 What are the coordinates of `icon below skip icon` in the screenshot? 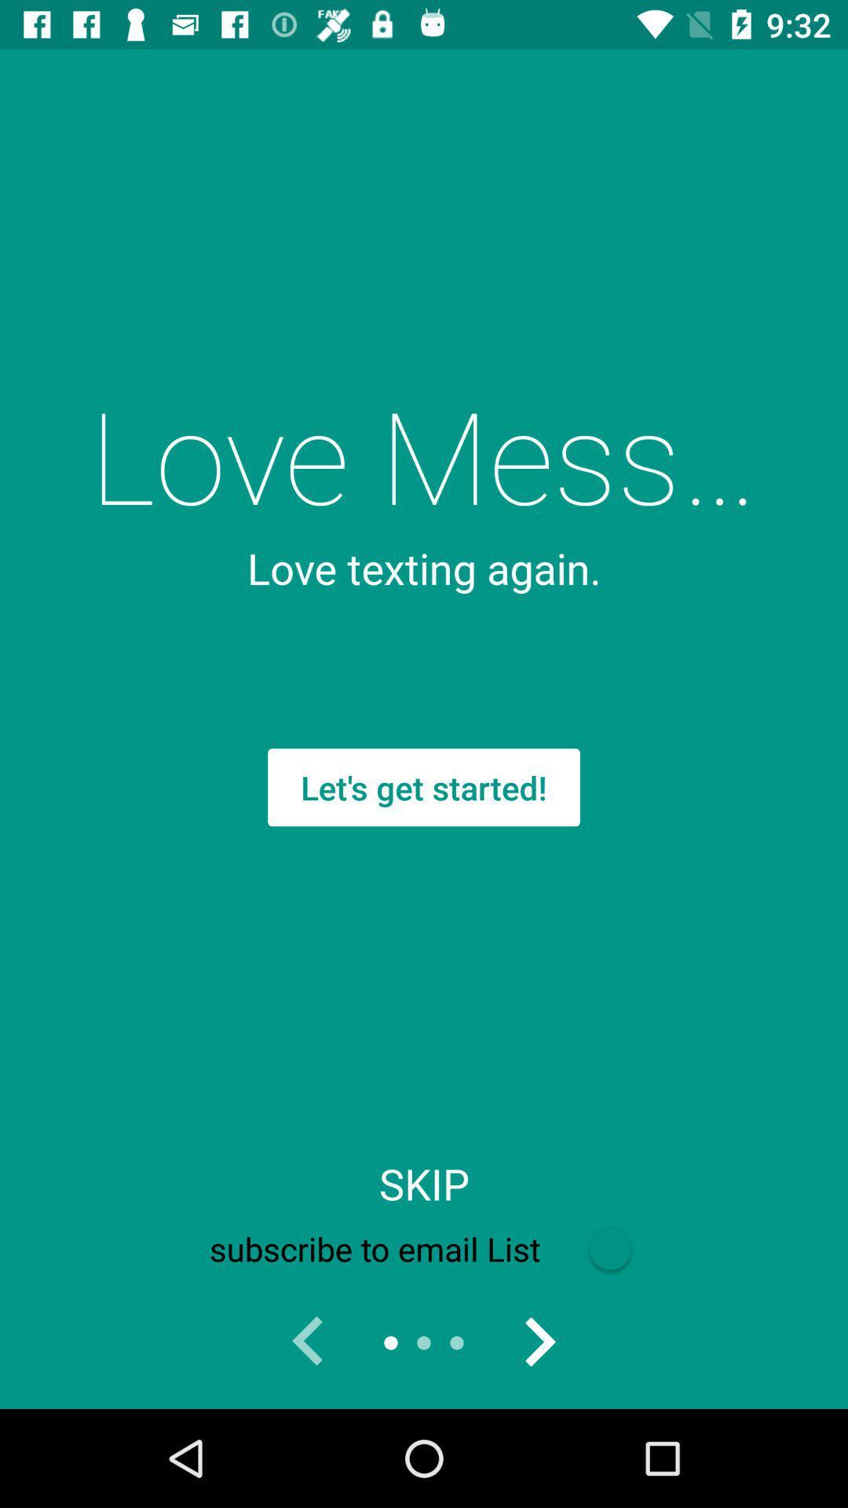 It's located at (424, 1248).